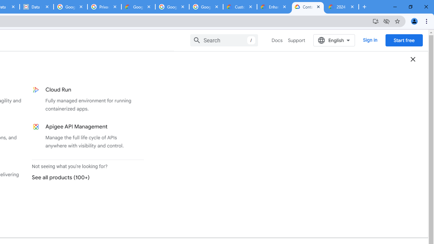 The width and height of the screenshot is (434, 244). Describe the element at coordinates (375, 21) in the screenshot. I see `'Install Google Cloud'` at that location.